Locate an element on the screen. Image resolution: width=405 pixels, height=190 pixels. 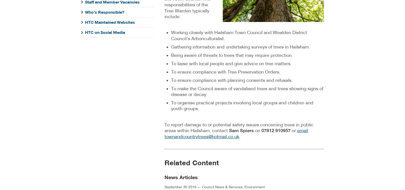
'September 30 2016' is located at coordinates (180, 186).